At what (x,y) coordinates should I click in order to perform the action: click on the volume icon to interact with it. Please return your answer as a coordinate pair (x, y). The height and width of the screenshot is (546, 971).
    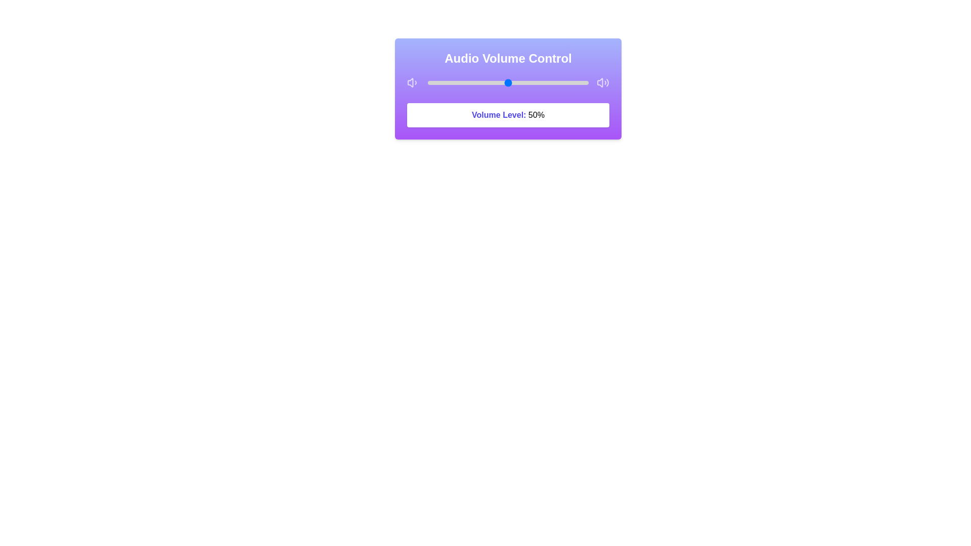
    Looking at the image, I should click on (413, 82).